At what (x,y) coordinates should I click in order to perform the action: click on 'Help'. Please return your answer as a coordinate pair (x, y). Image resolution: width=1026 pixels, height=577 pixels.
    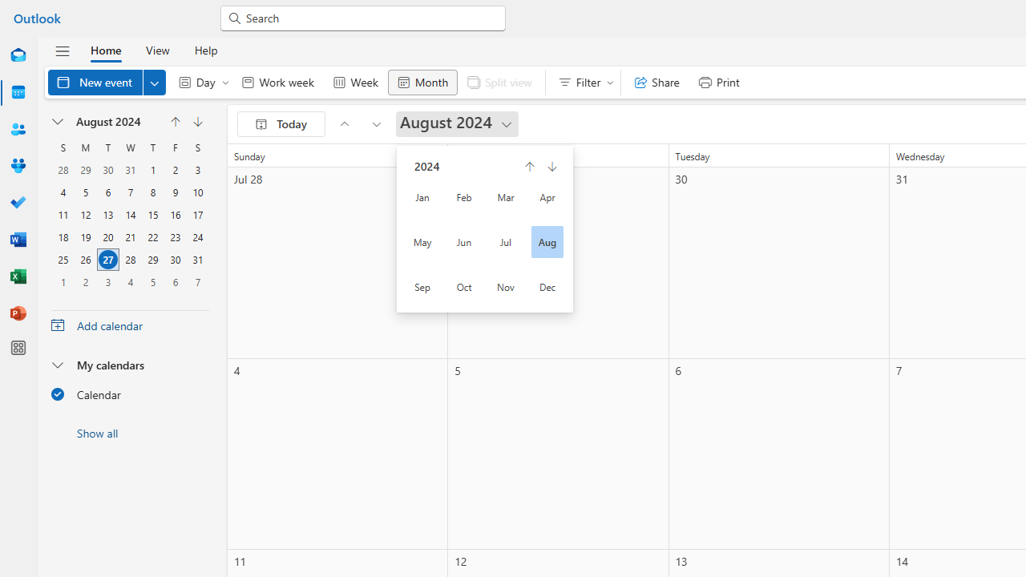
    Looking at the image, I should click on (204, 49).